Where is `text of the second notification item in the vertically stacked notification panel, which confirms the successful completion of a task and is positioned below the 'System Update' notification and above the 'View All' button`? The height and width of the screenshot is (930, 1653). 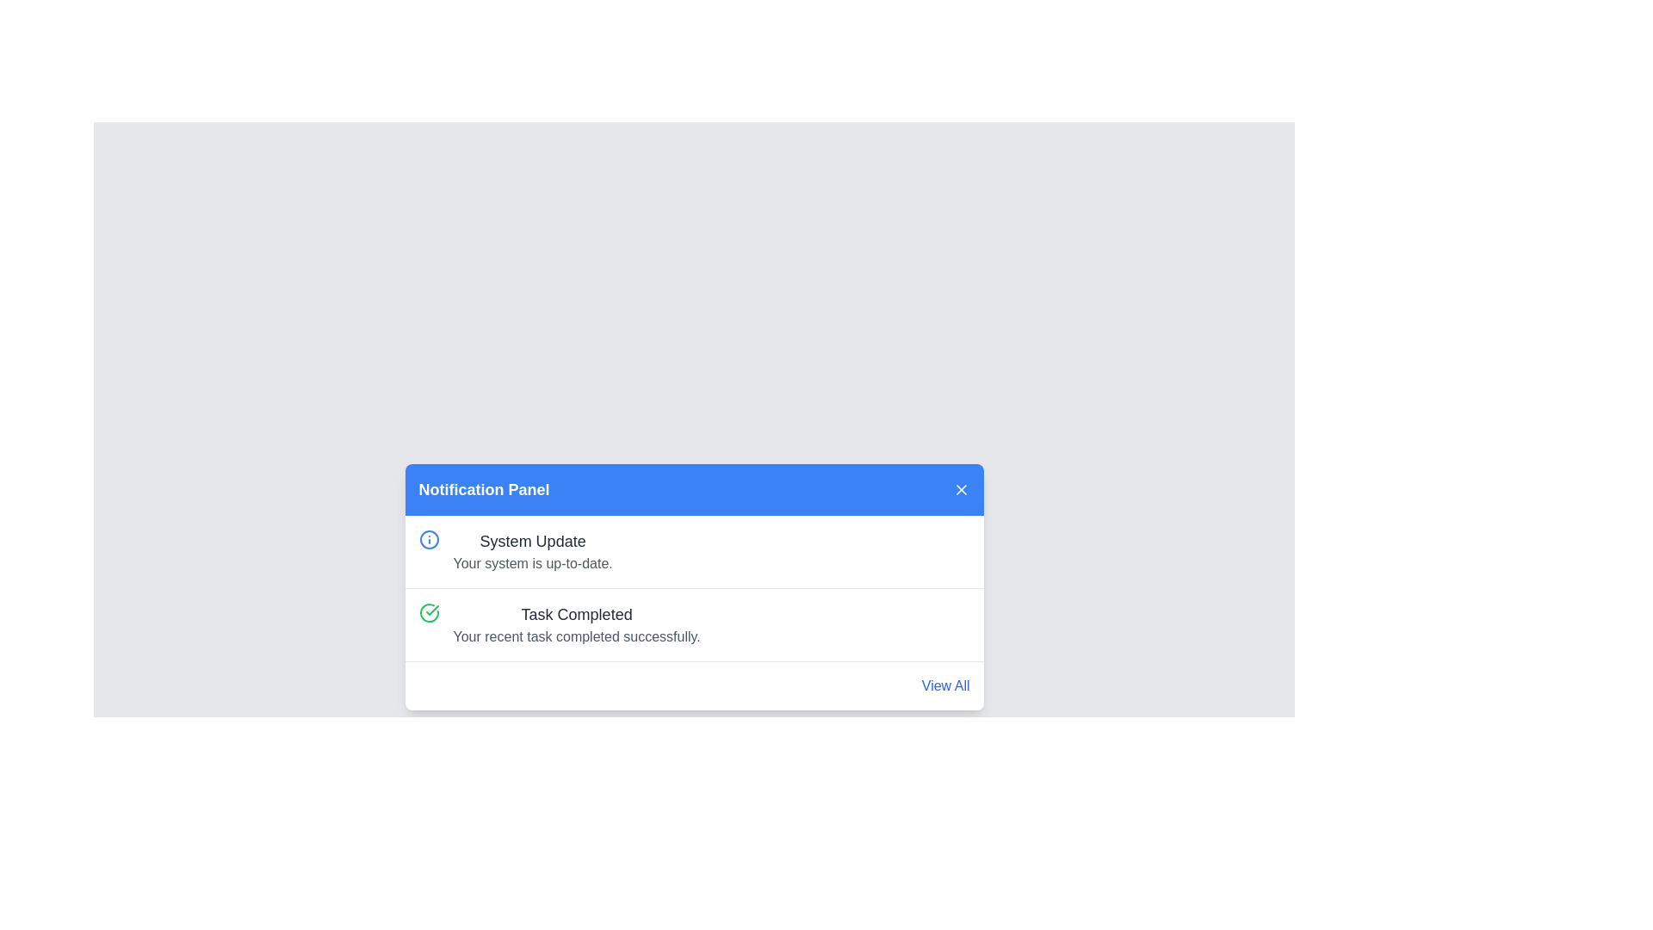
text of the second notification item in the vertically stacked notification panel, which confirms the successful completion of a task and is positioned below the 'System Update' notification and above the 'View All' button is located at coordinates (694, 624).